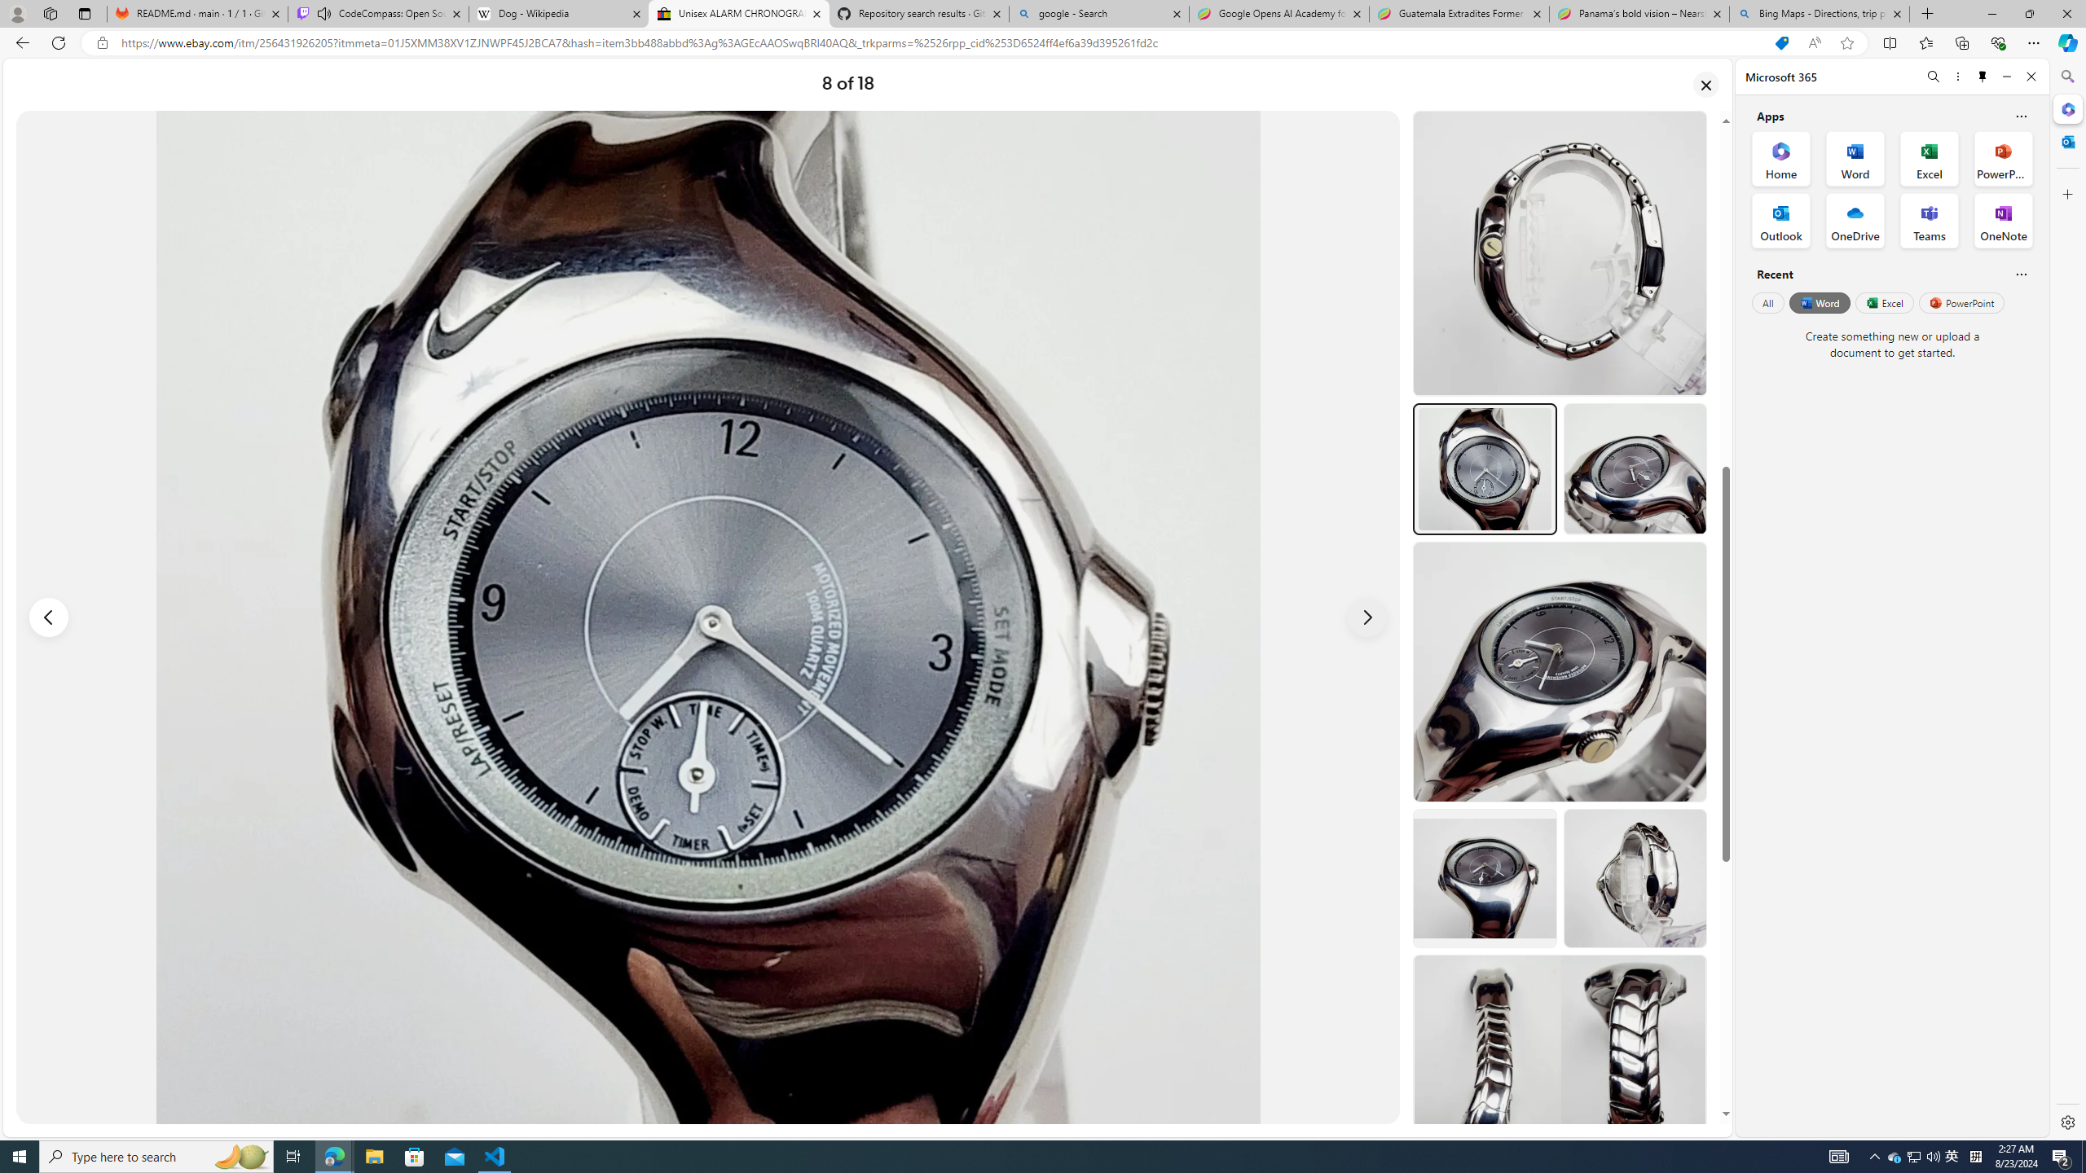 The image size is (2086, 1173). I want to click on 'Word', so click(1818, 302).